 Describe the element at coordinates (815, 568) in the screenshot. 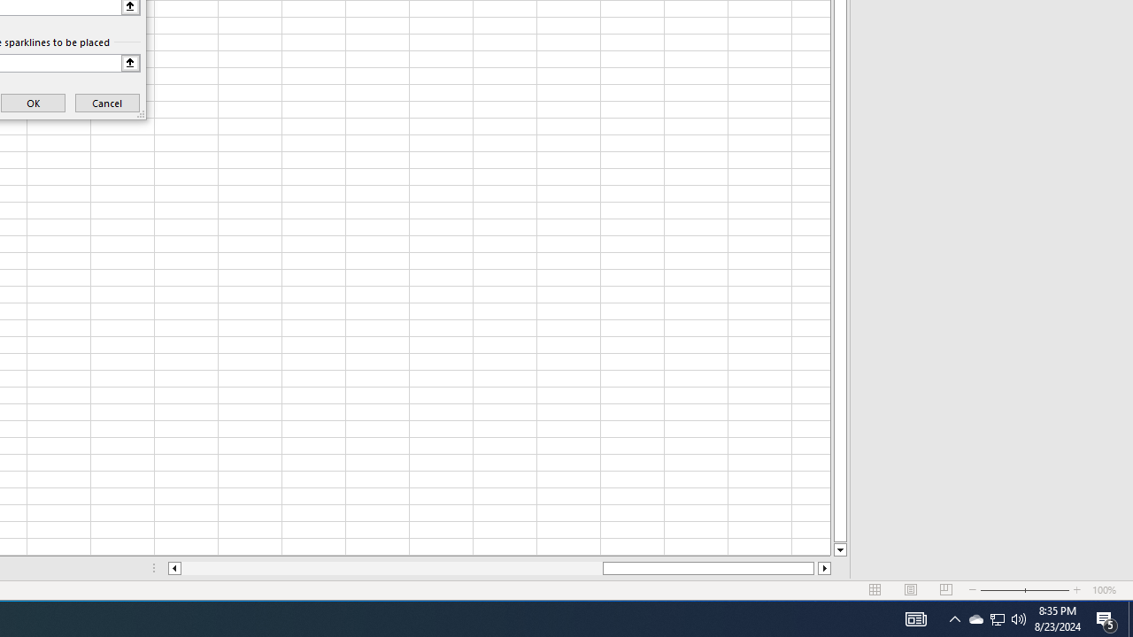

I see `'Page right'` at that location.